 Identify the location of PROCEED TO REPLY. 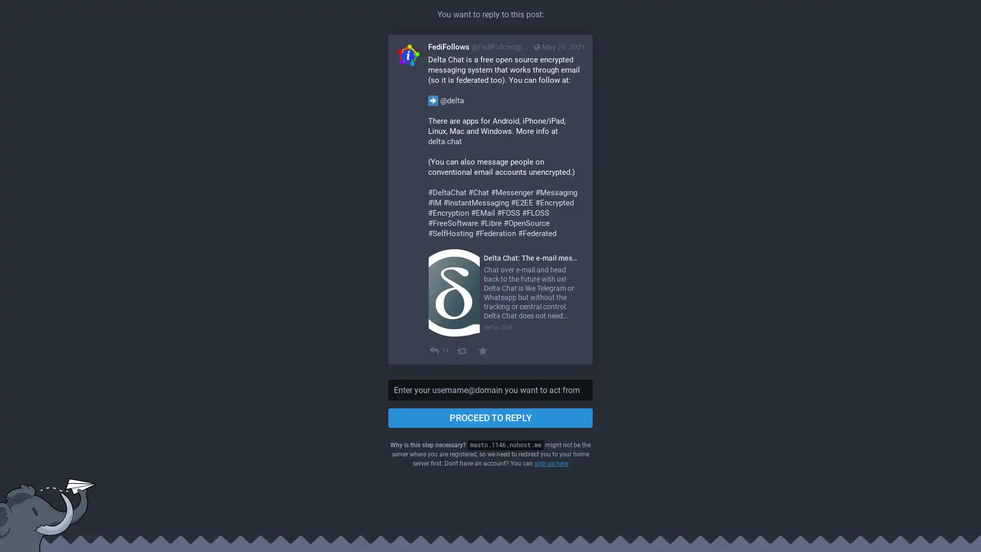
(491, 418).